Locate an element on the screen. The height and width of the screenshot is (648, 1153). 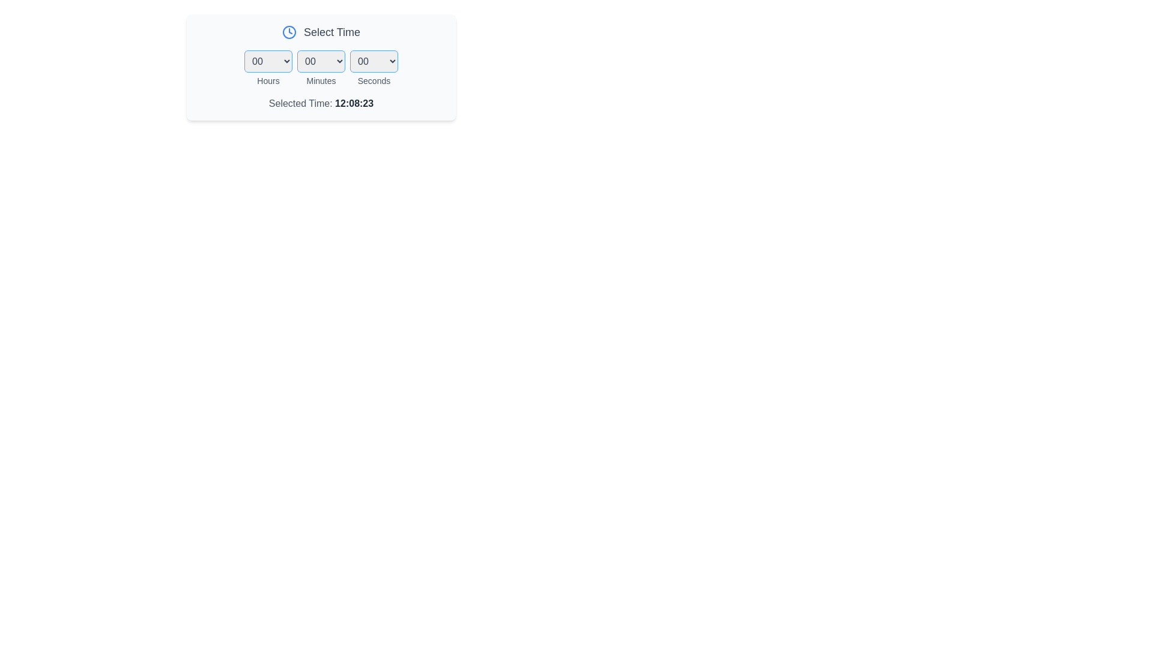
the 'Minutes' text label, which is a small gray text located below the second dropdown menu in the time selection interface is located at coordinates (321, 81).